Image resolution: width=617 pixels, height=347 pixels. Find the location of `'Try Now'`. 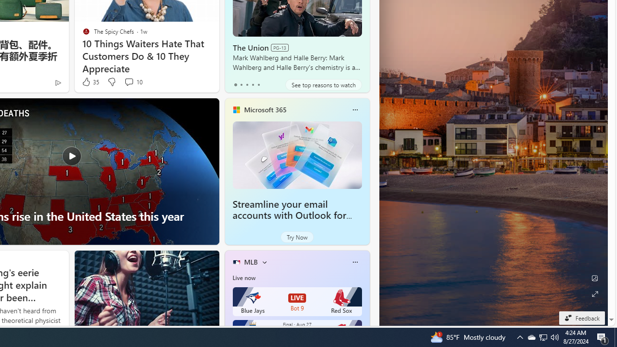

'Try Now' is located at coordinates (296, 237).